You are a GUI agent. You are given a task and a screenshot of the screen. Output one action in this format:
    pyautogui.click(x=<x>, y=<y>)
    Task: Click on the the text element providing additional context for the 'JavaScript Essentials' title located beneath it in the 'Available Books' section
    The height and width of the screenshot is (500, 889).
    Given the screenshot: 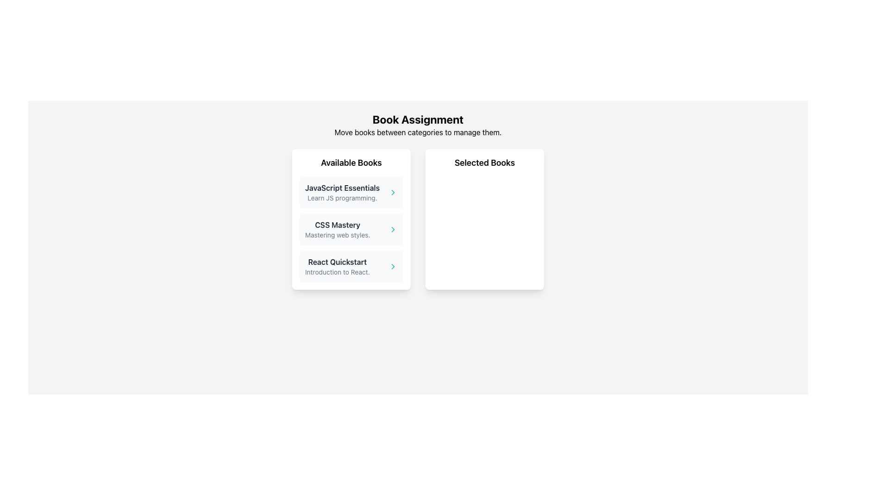 What is the action you would take?
    pyautogui.click(x=342, y=198)
    